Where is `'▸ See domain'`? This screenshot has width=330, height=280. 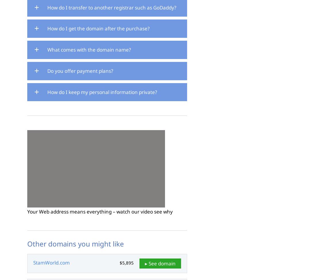
'▸ See domain' is located at coordinates (160, 263).